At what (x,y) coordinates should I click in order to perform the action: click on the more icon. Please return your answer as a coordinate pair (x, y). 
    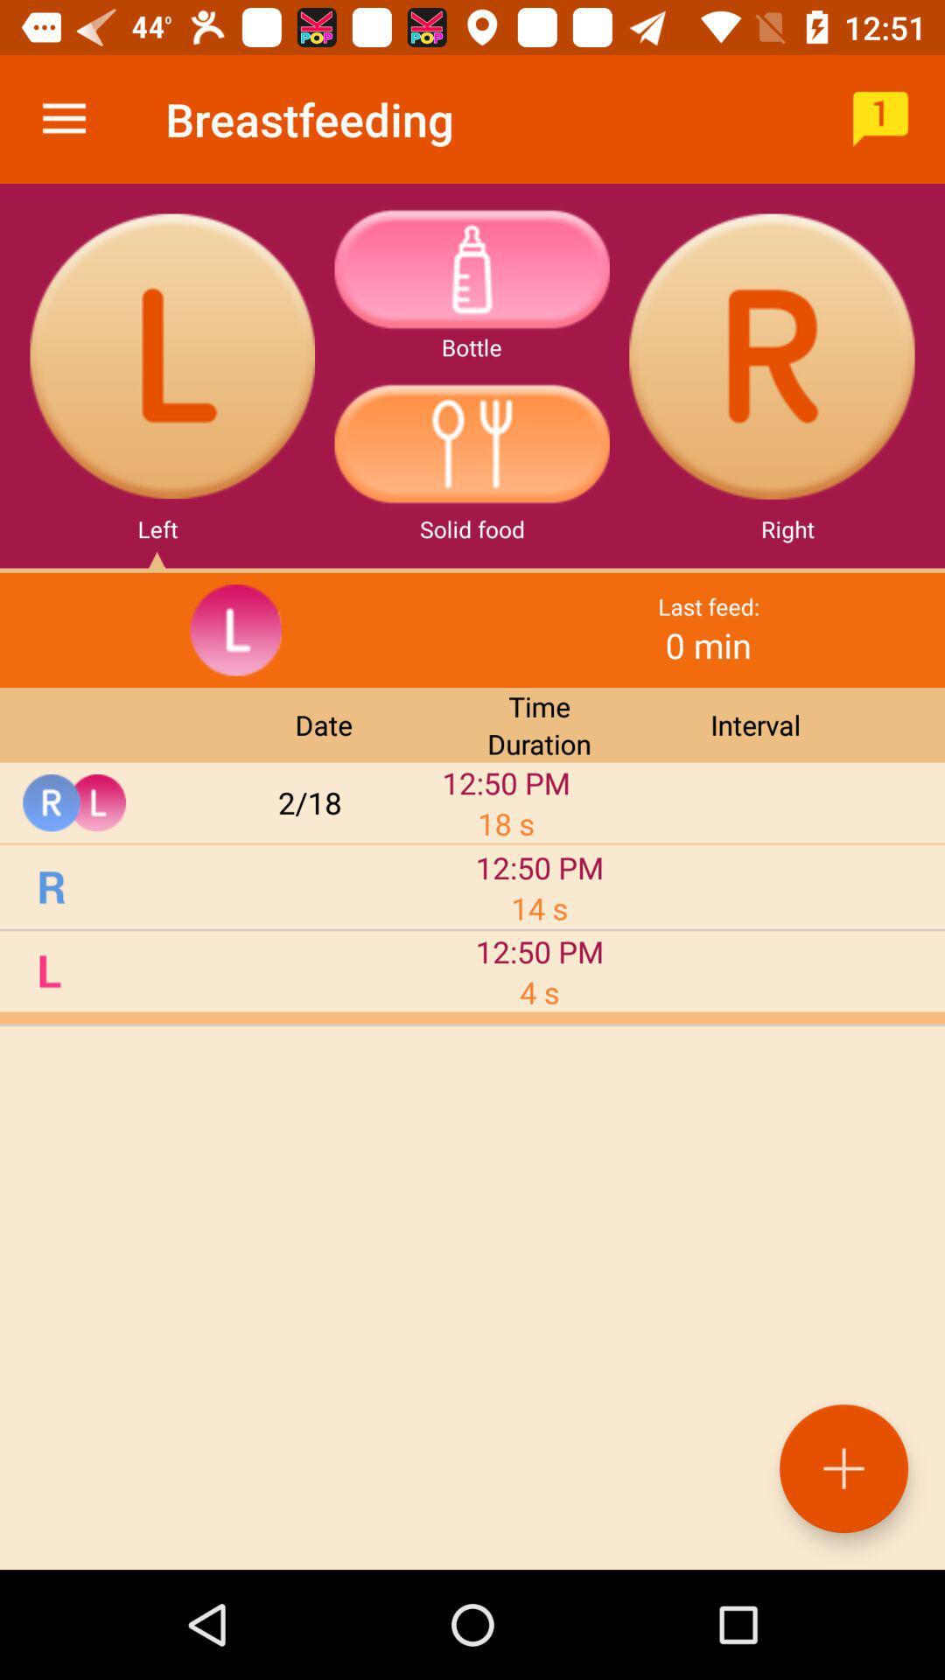
    Looking at the image, I should click on (471, 268).